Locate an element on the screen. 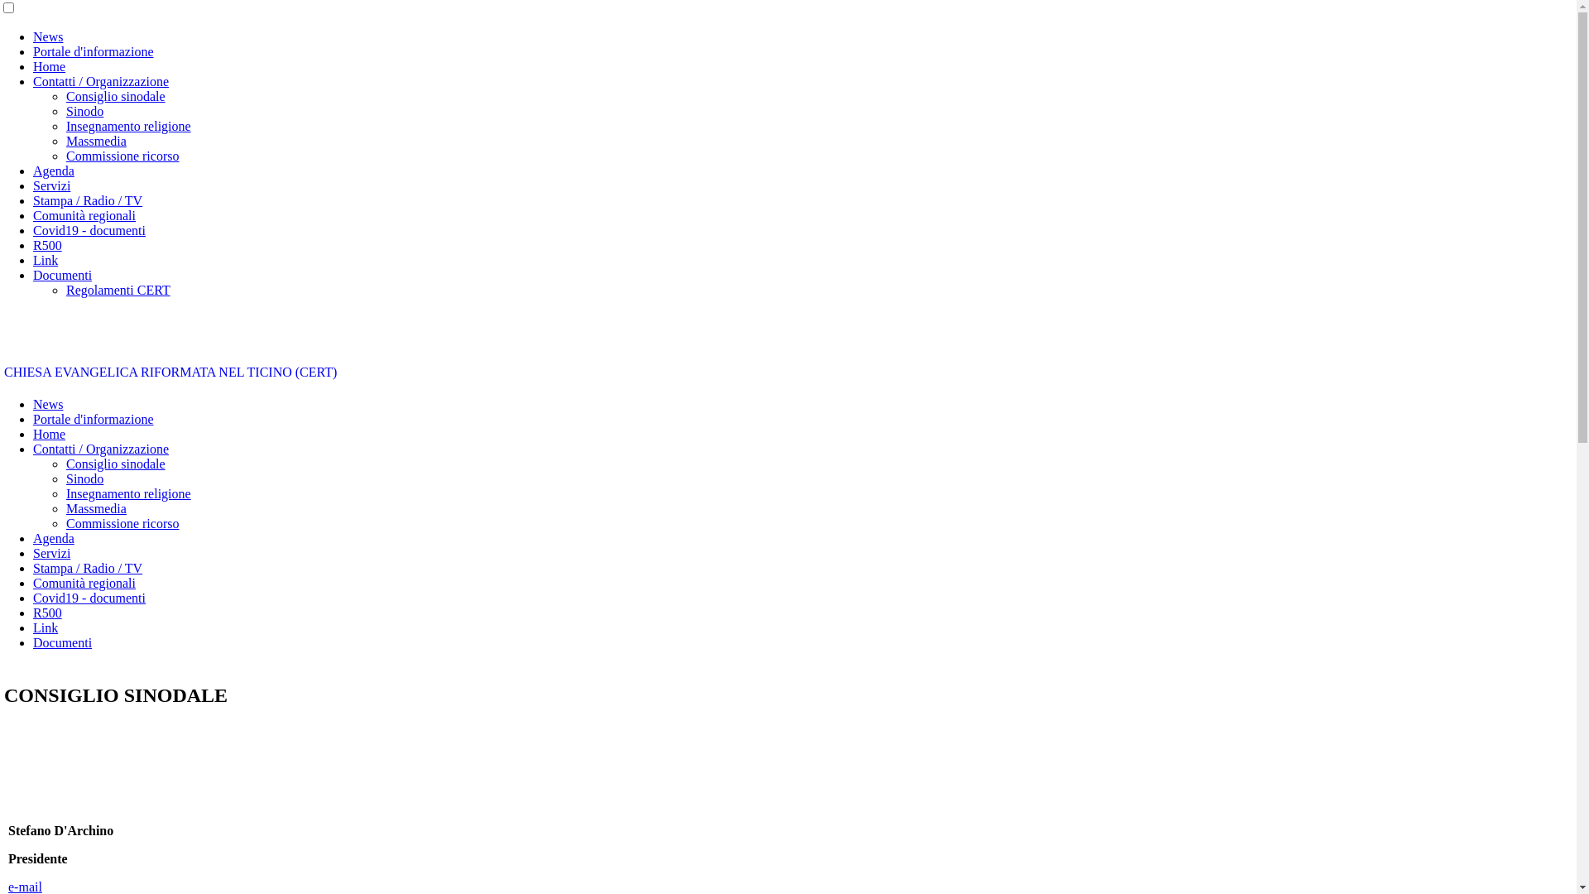 This screenshot has height=894, width=1589. 'Consiglio sinodale' is located at coordinates (114, 96).